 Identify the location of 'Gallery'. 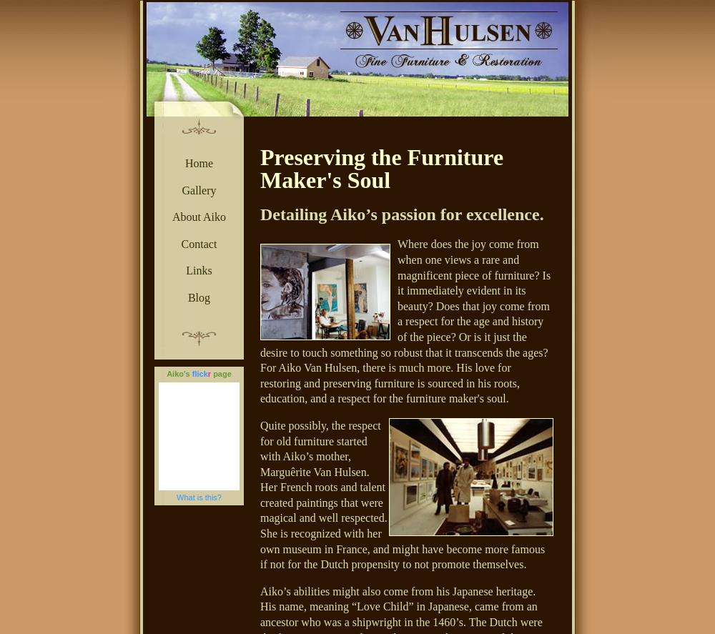
(182, 189).